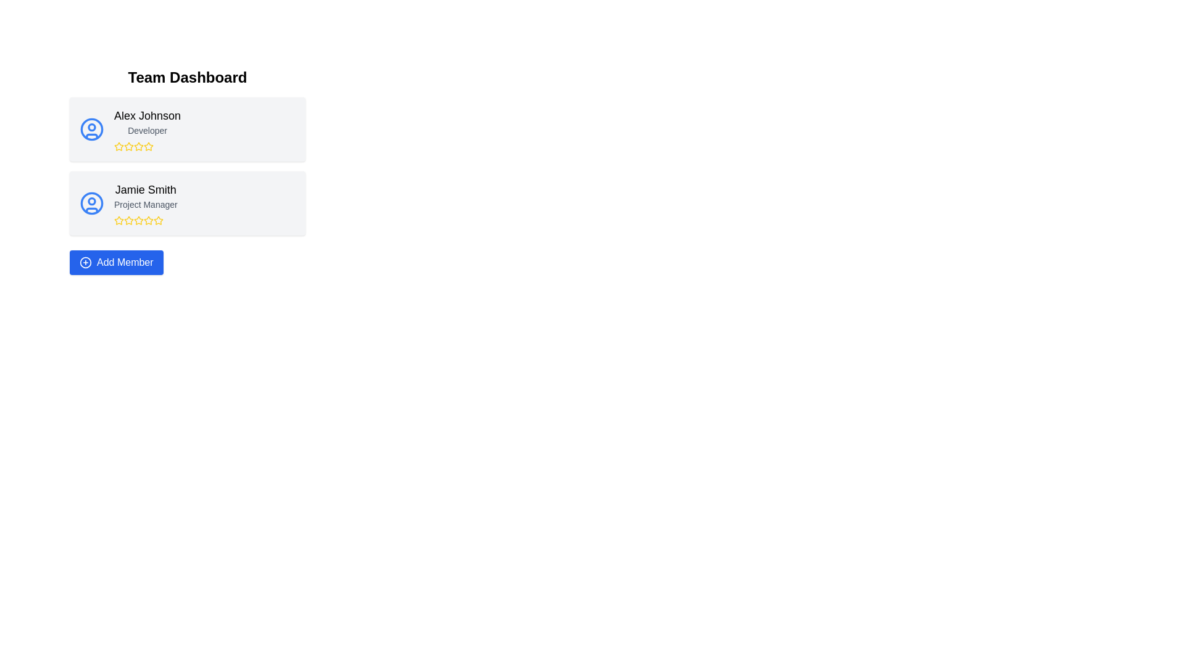 This screenshot has width=1185, height=666. What do you see at coordinates (85, 261) in the screenshot?
I see `the icon that represents a visual indicator for adding a new entity, which is located within the 'Add Member' button at the bottom of the page` at bounding box center [85, 261].